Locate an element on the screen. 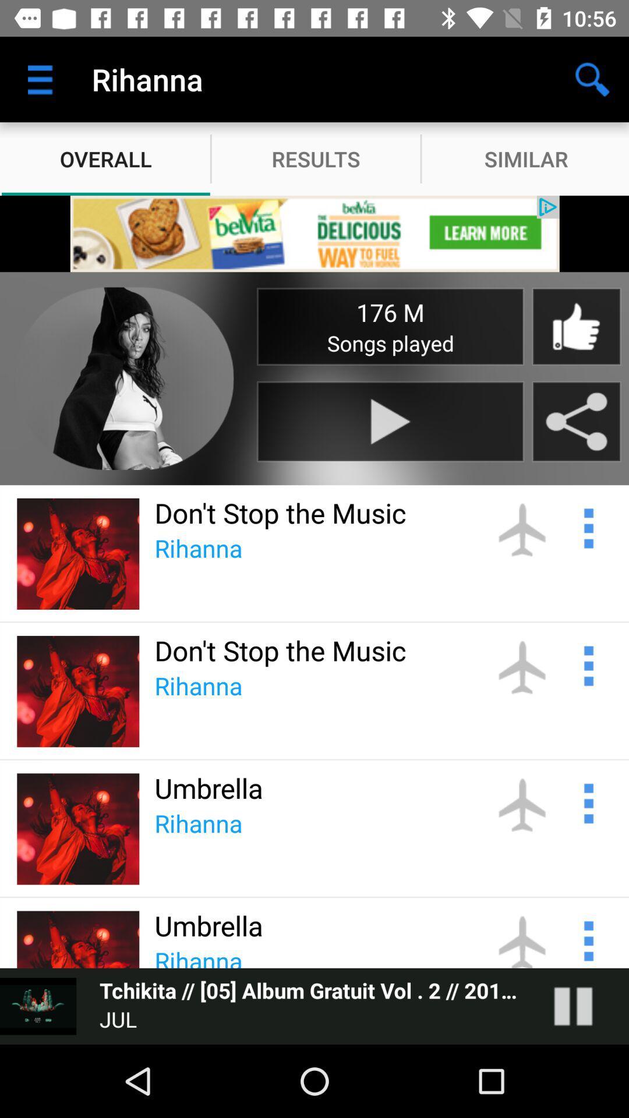  g to share button is located at coordinates (577, 421).